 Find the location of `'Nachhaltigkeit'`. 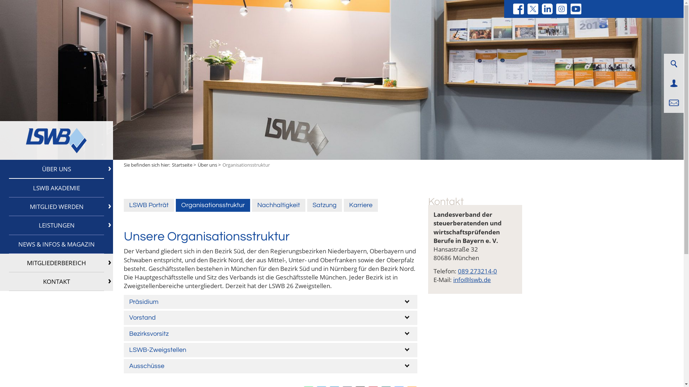

'Nachhaltigkeit' is located at coordinates (252, 205).